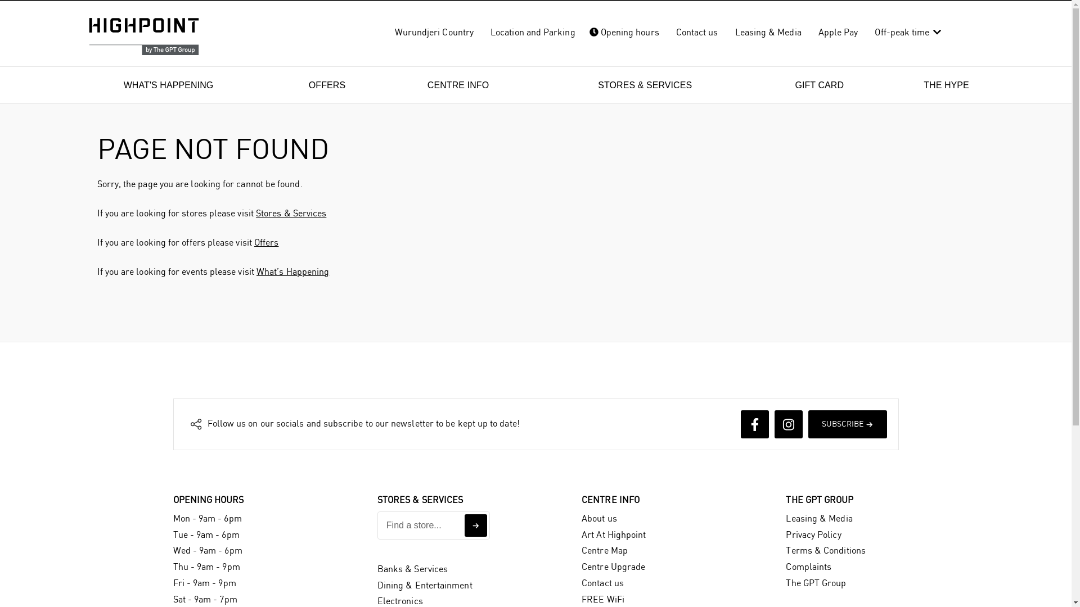  I want to click on 'CENTRE INFO', so click(458, 84).